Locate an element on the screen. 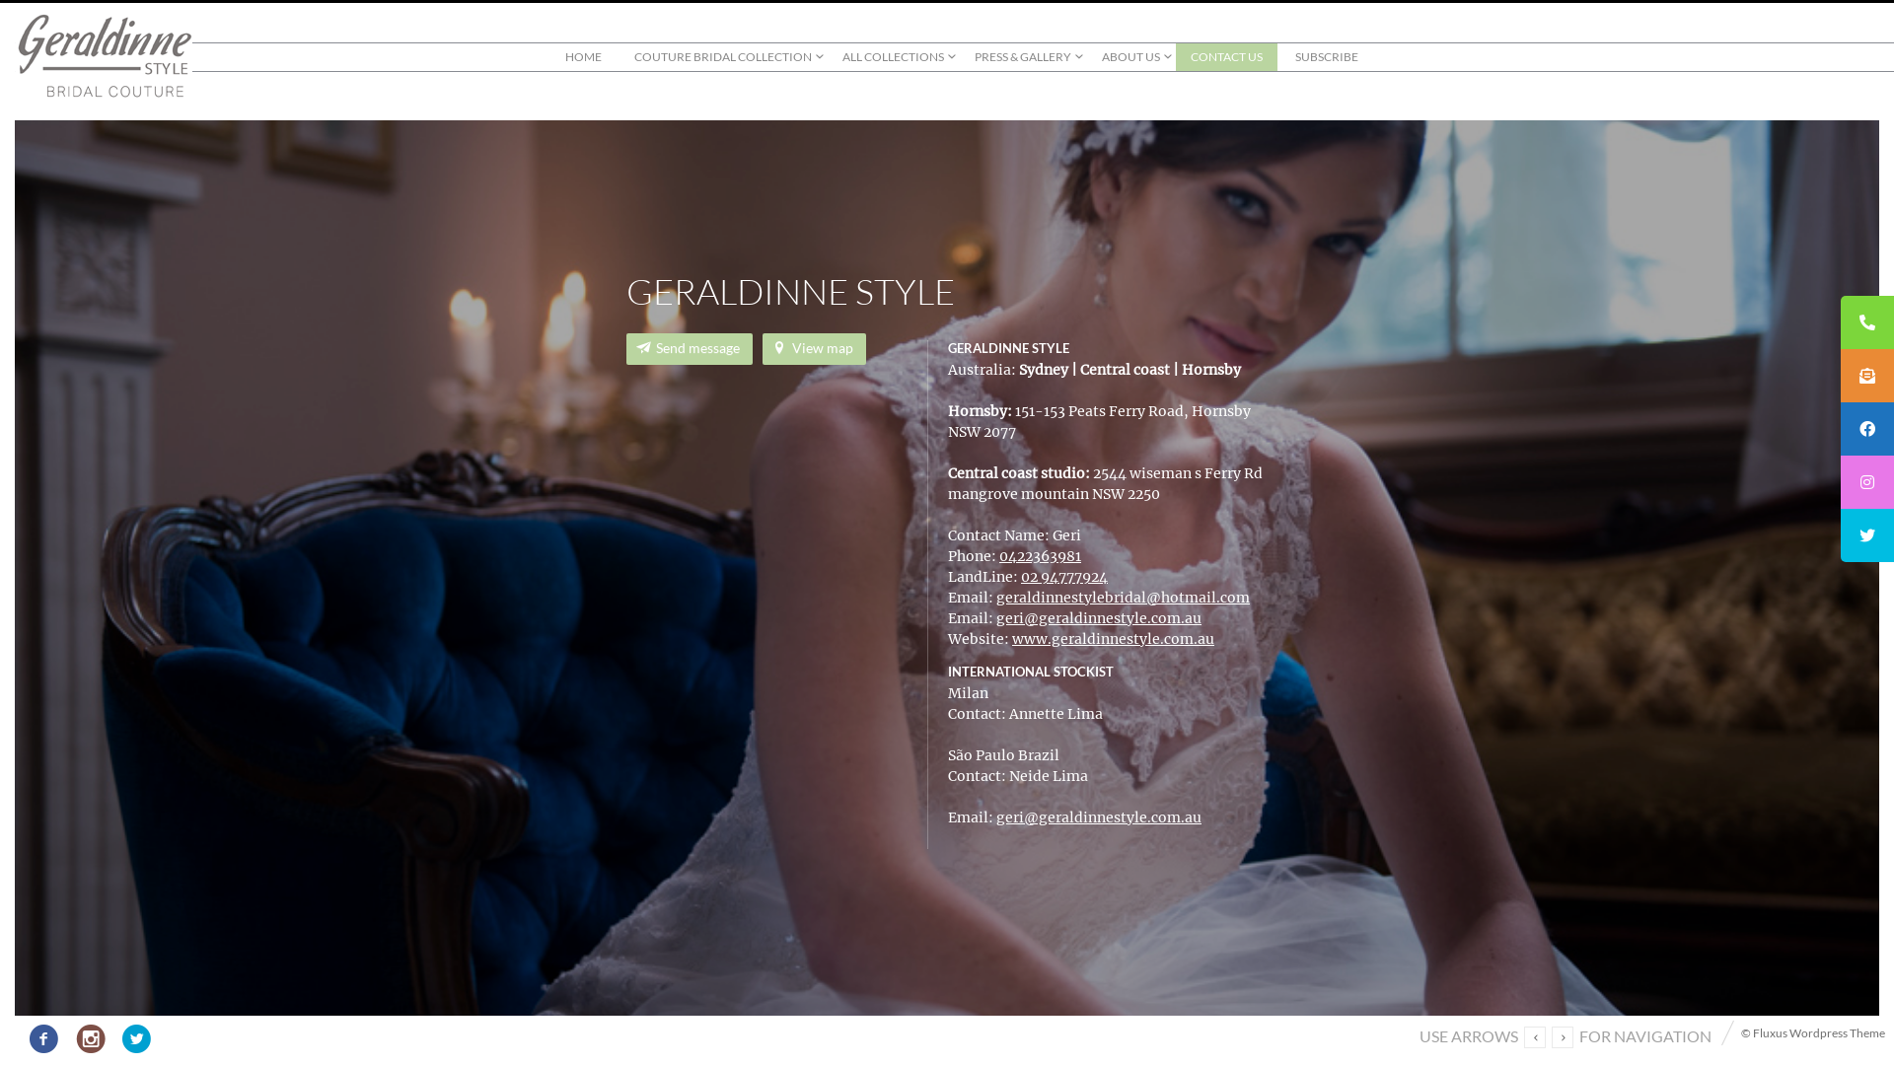  '02 94777924' is located at coordinates (1063, 577).